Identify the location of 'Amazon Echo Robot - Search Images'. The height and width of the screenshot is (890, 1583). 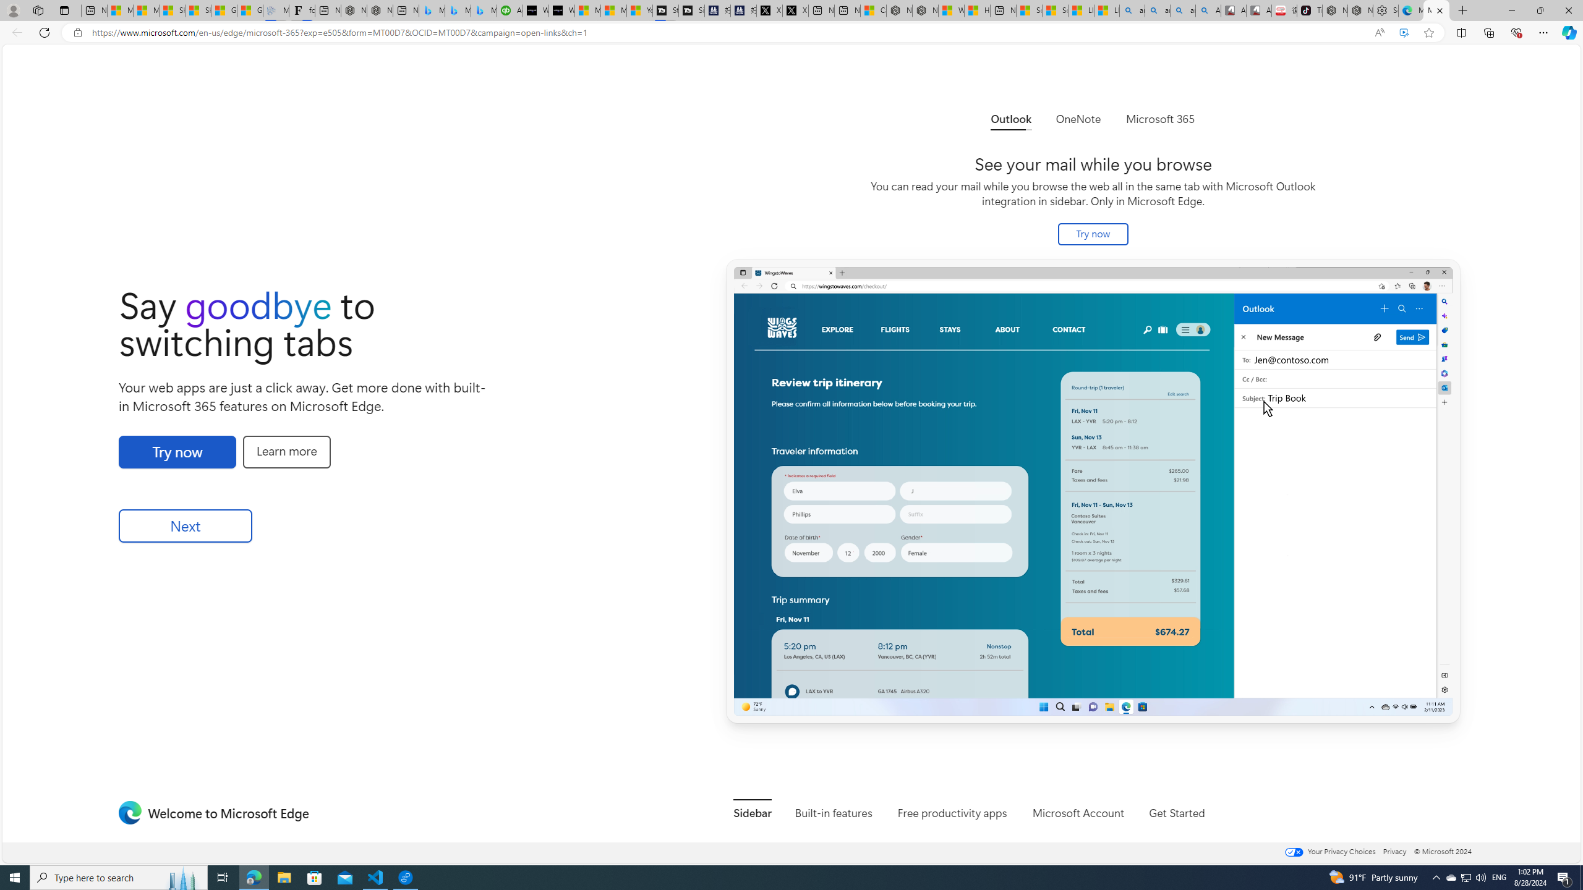
(1208, 10).